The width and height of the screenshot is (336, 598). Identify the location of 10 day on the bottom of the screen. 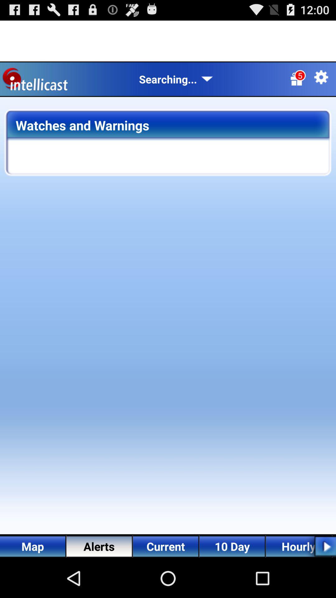
(232, 546).